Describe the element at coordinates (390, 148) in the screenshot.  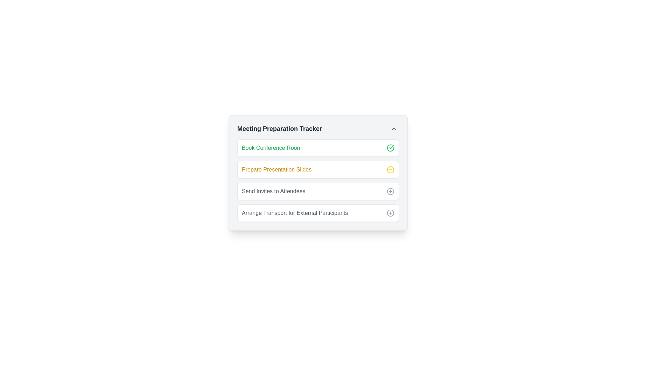
I see `the Decorative icon indicating the successful completion of the task labeled 'Book Conference Room' located in the top right corner of the row in the 'Meeting Preparation Tracker' interface` at that location.